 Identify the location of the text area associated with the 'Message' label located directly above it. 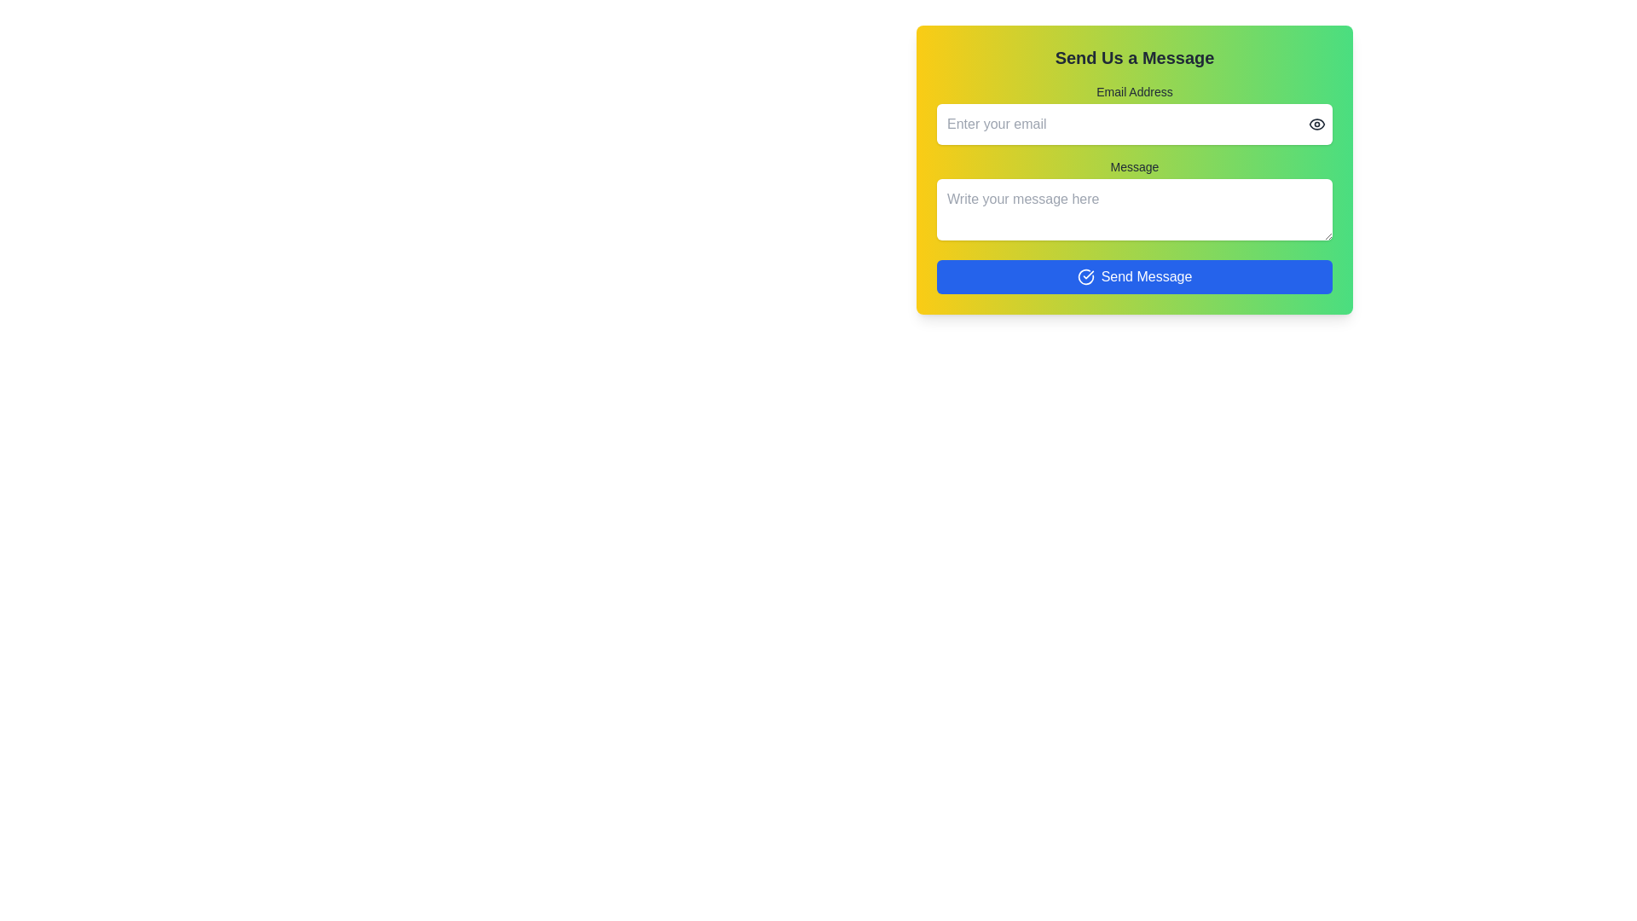
(1134, 167).